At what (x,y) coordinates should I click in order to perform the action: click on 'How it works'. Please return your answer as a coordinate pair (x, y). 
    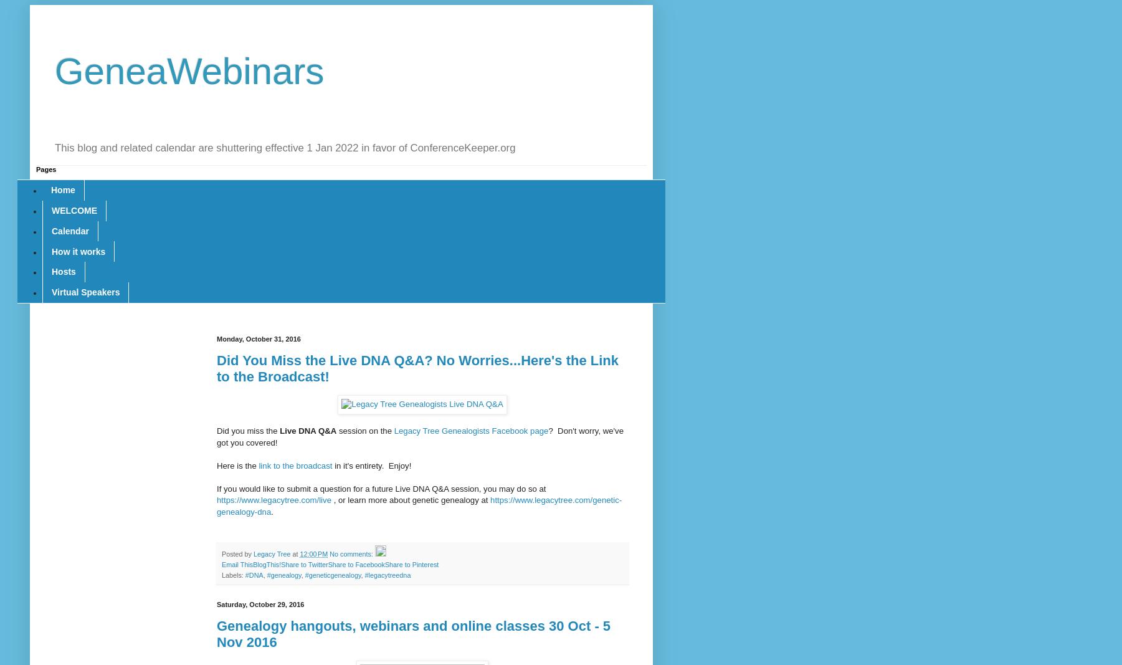
    Looking at the image, I should click on (78, 251).